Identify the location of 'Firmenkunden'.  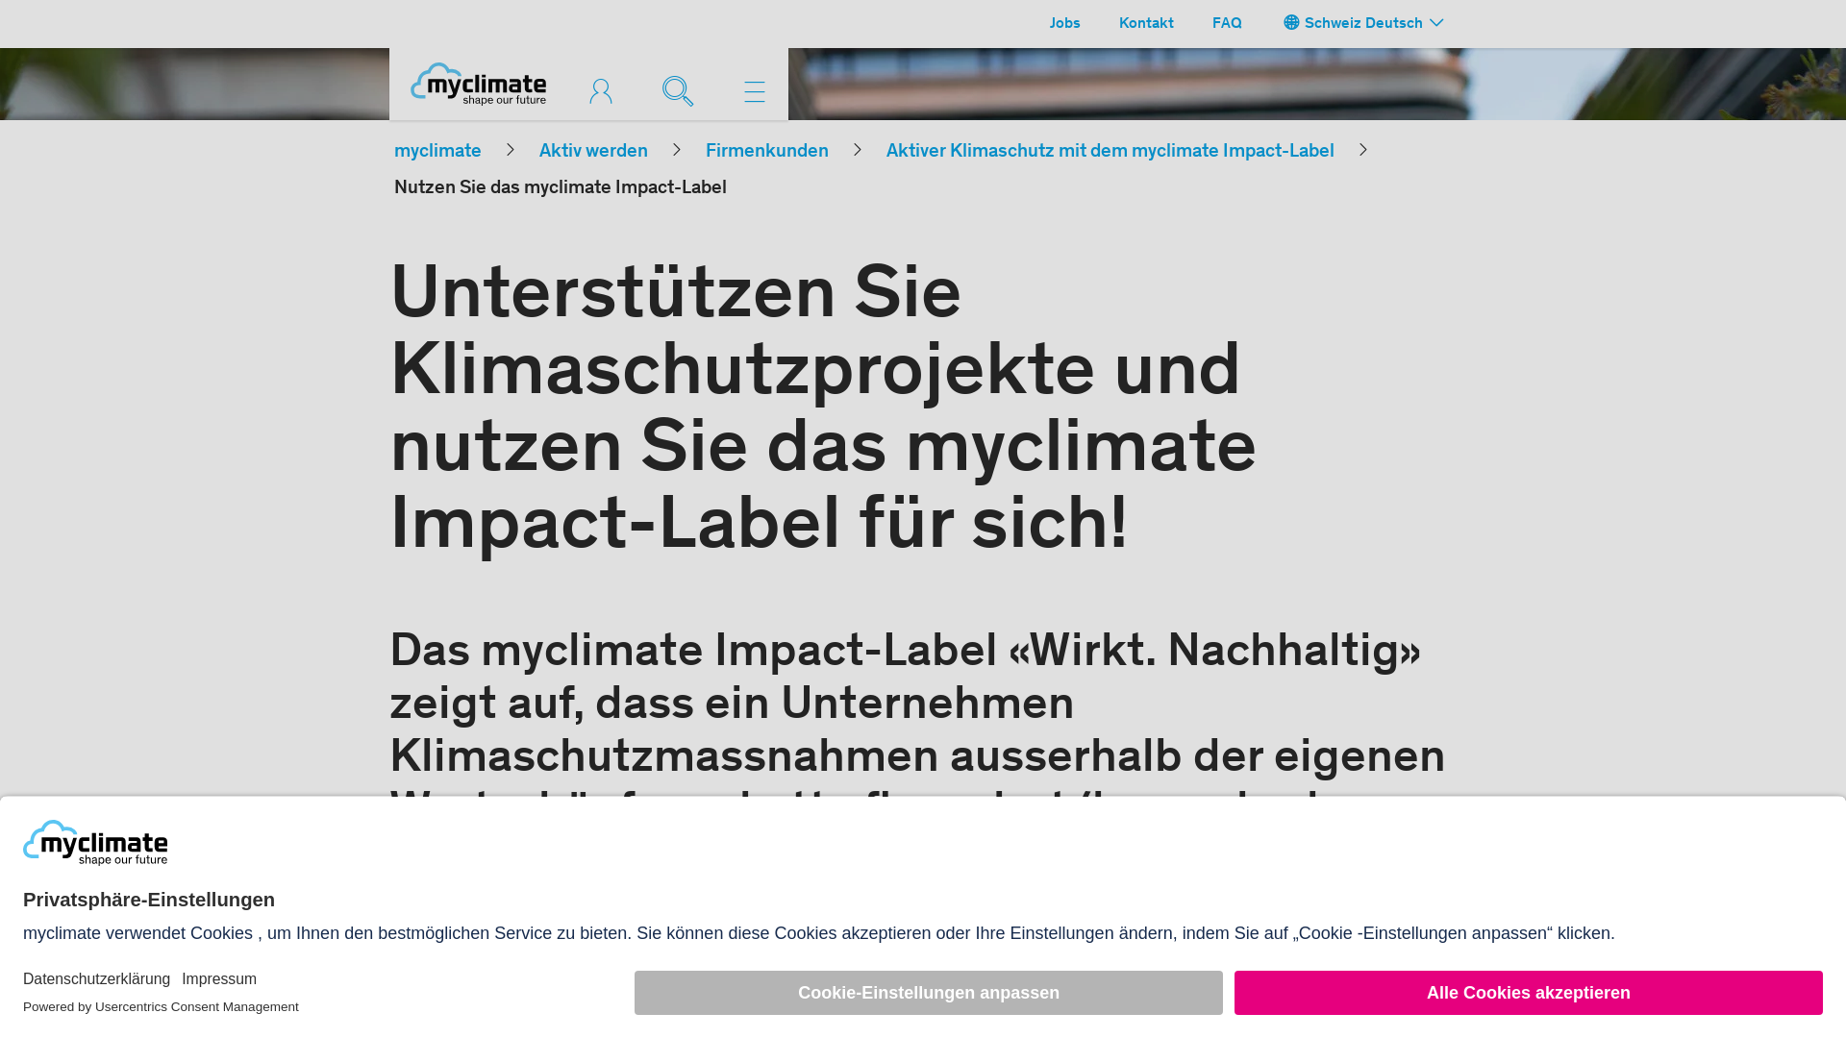
(765, 151).